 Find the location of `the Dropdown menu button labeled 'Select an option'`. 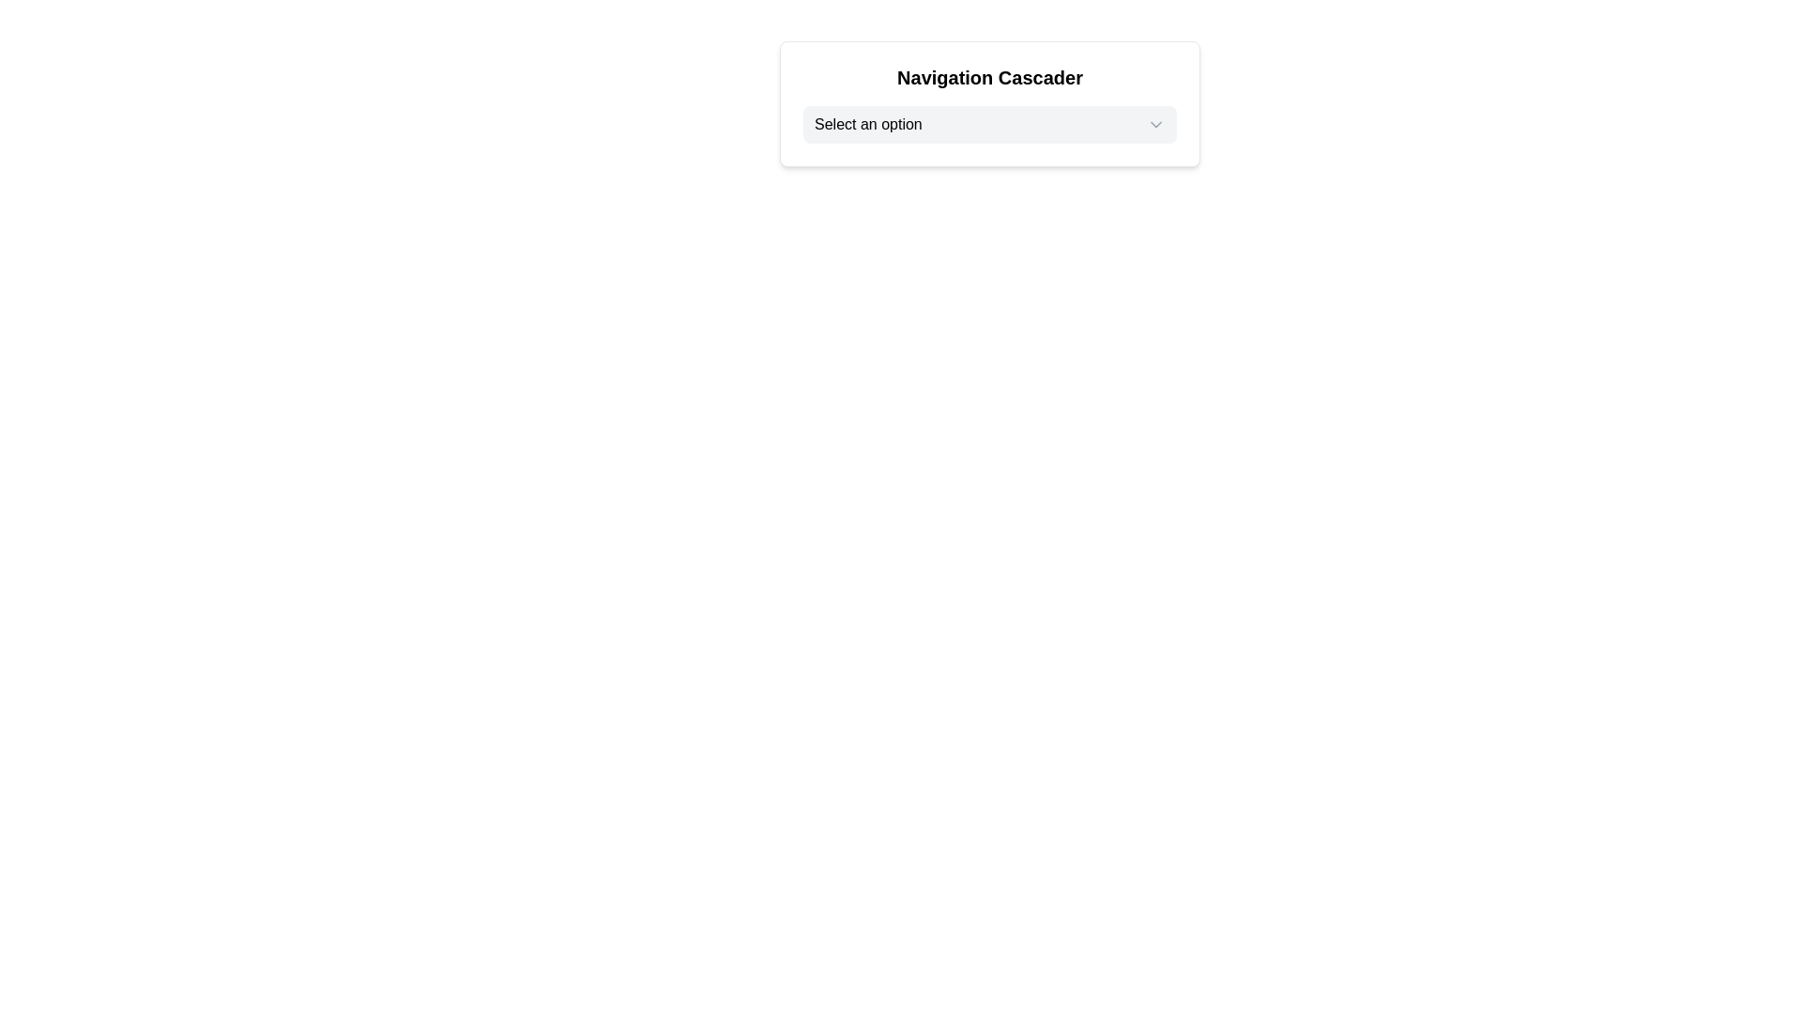

the Dropdown menu button labeled 'Select an option' is located at coordinates (989, 124).